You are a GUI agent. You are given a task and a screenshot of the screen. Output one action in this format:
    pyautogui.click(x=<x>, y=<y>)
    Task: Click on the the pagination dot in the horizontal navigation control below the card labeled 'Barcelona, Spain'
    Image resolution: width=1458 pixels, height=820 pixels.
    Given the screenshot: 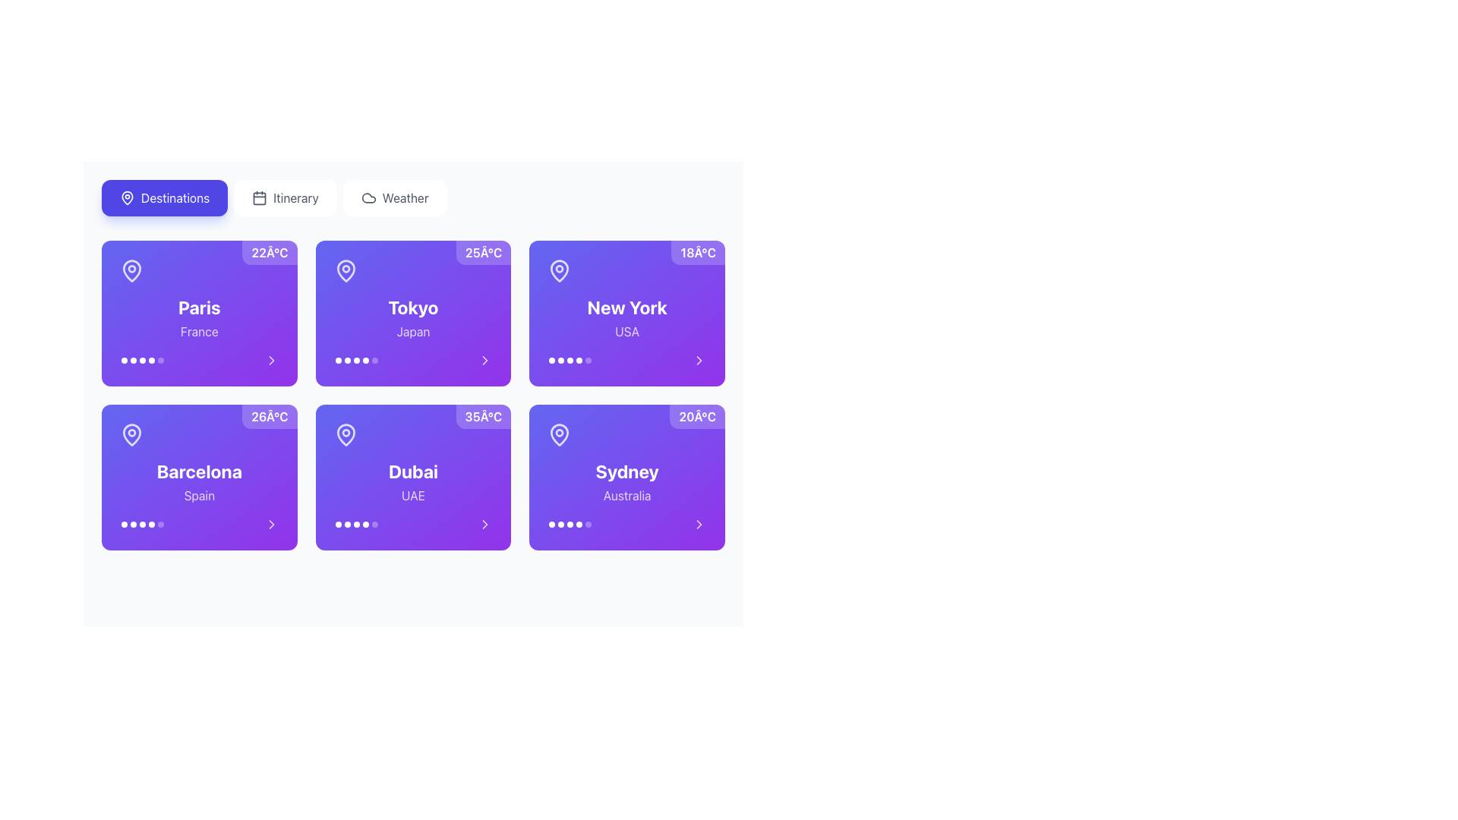 What is the action you would take?
    pyautogui.click(x=198, y=523)
    